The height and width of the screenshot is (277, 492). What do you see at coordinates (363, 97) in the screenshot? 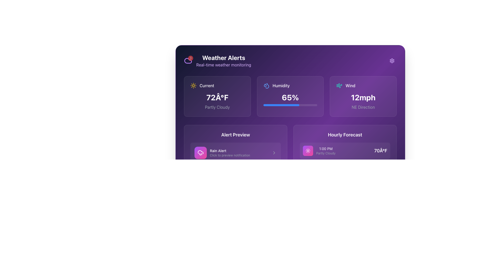
I see `the text block displaying the wind speed '12mph' located in the middle of the right section of the wind information card` at bounding box center [363, 97].